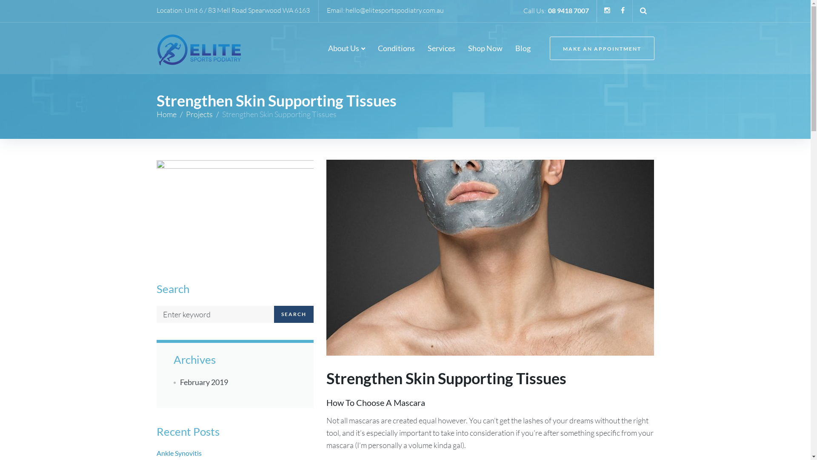 The width and height of the screenshot is (817, 460). I want to click on 'Services', so click(441, 48).